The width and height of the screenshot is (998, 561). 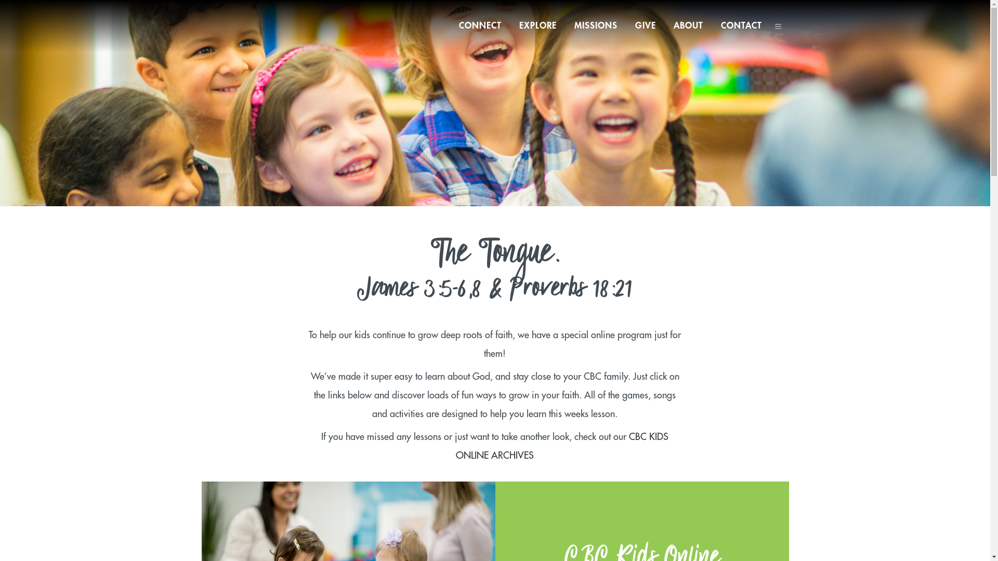 I want to click on 'EXPLORE', so click(x=538, y=25).